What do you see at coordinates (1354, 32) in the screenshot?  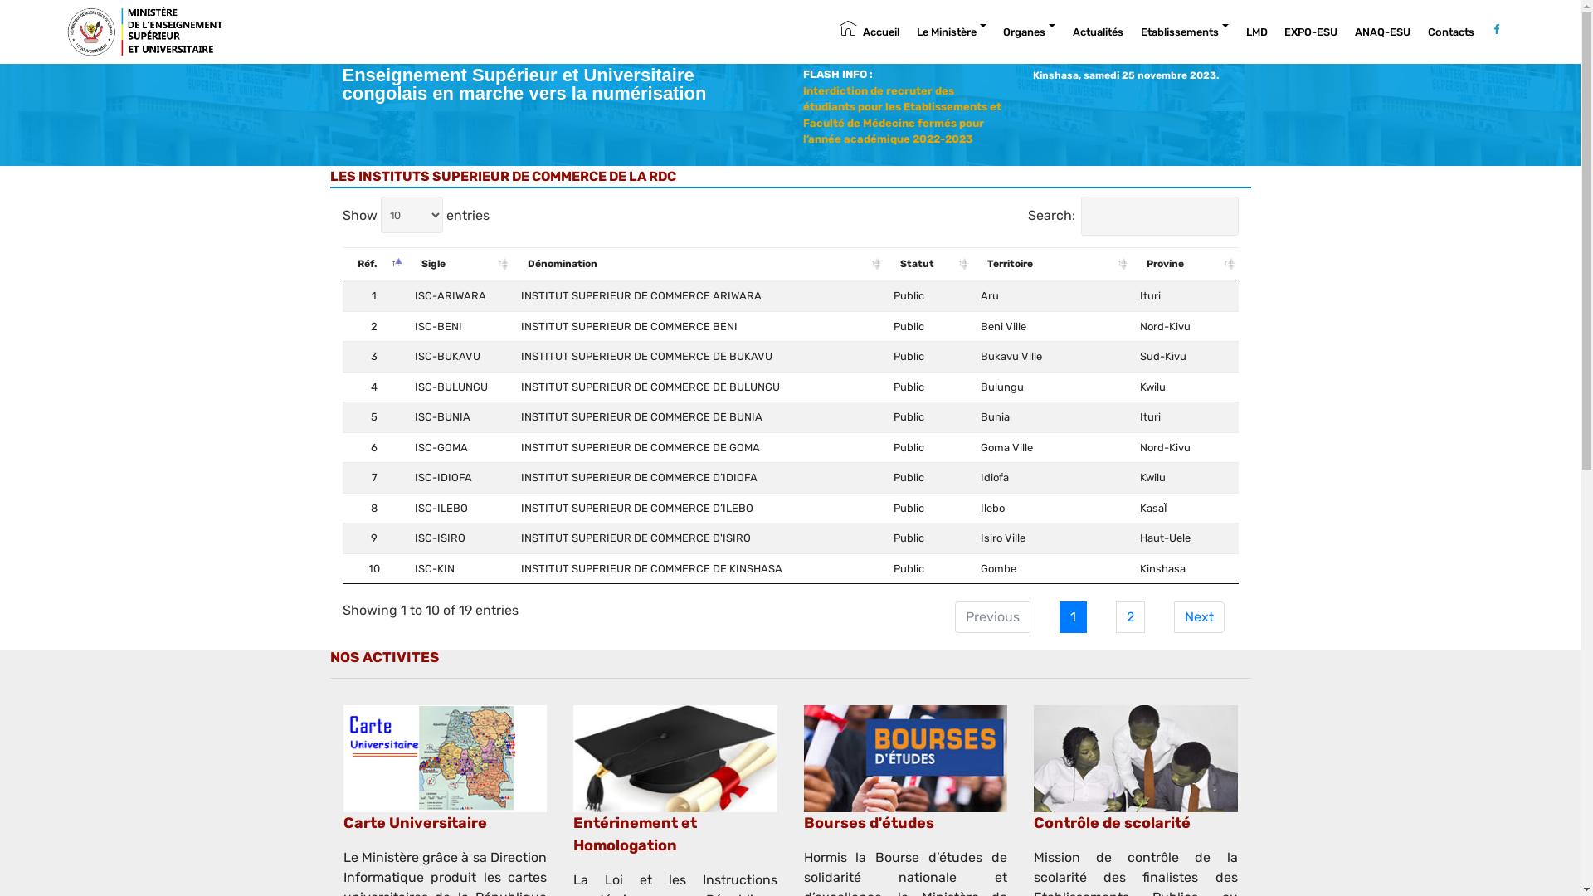 I see `'ANAQ-ESU'` at bounding box center [1354, 32].